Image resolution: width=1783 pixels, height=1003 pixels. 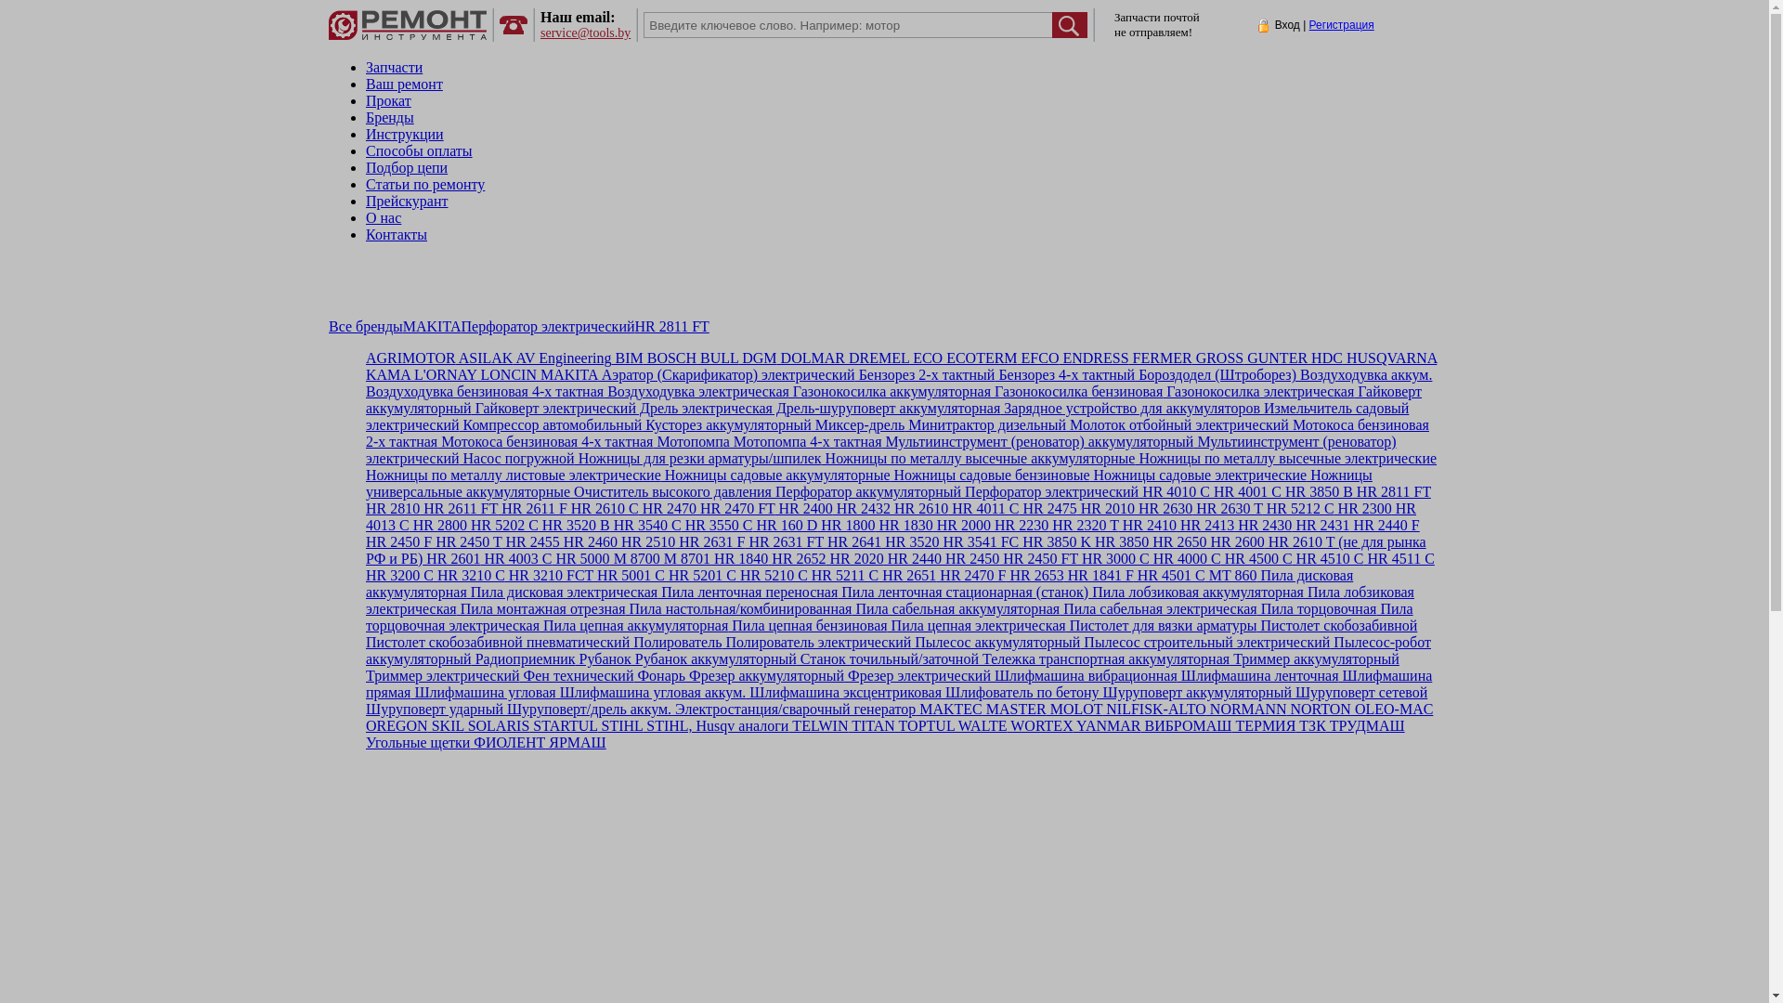 What do you see at coordinates (466, 541) in the screenshot?
I see `'HR 2450 T'` at bounding box center [466, 541].